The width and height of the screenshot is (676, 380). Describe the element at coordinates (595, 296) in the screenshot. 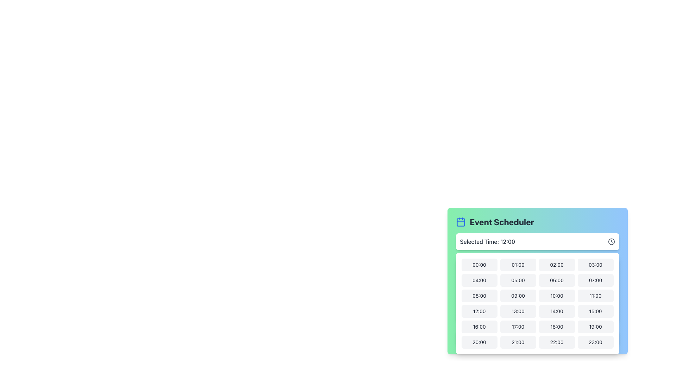

I see `the rectangular button labeled '11:00' with a dark gray text and light gray background, located` at that location.